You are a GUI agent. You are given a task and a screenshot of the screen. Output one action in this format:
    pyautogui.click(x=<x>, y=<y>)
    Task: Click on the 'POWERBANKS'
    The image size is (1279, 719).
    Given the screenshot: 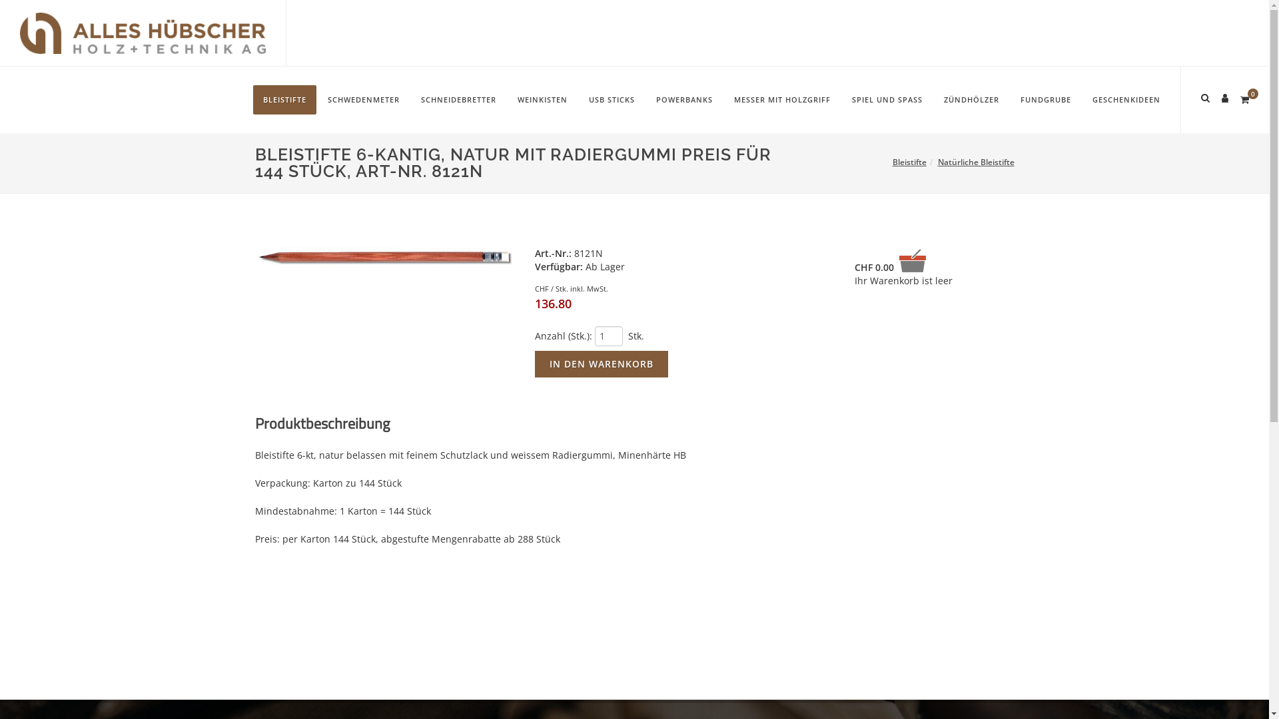 What is the action you would take?
    pyautogui.click(x=684, y=99)
    